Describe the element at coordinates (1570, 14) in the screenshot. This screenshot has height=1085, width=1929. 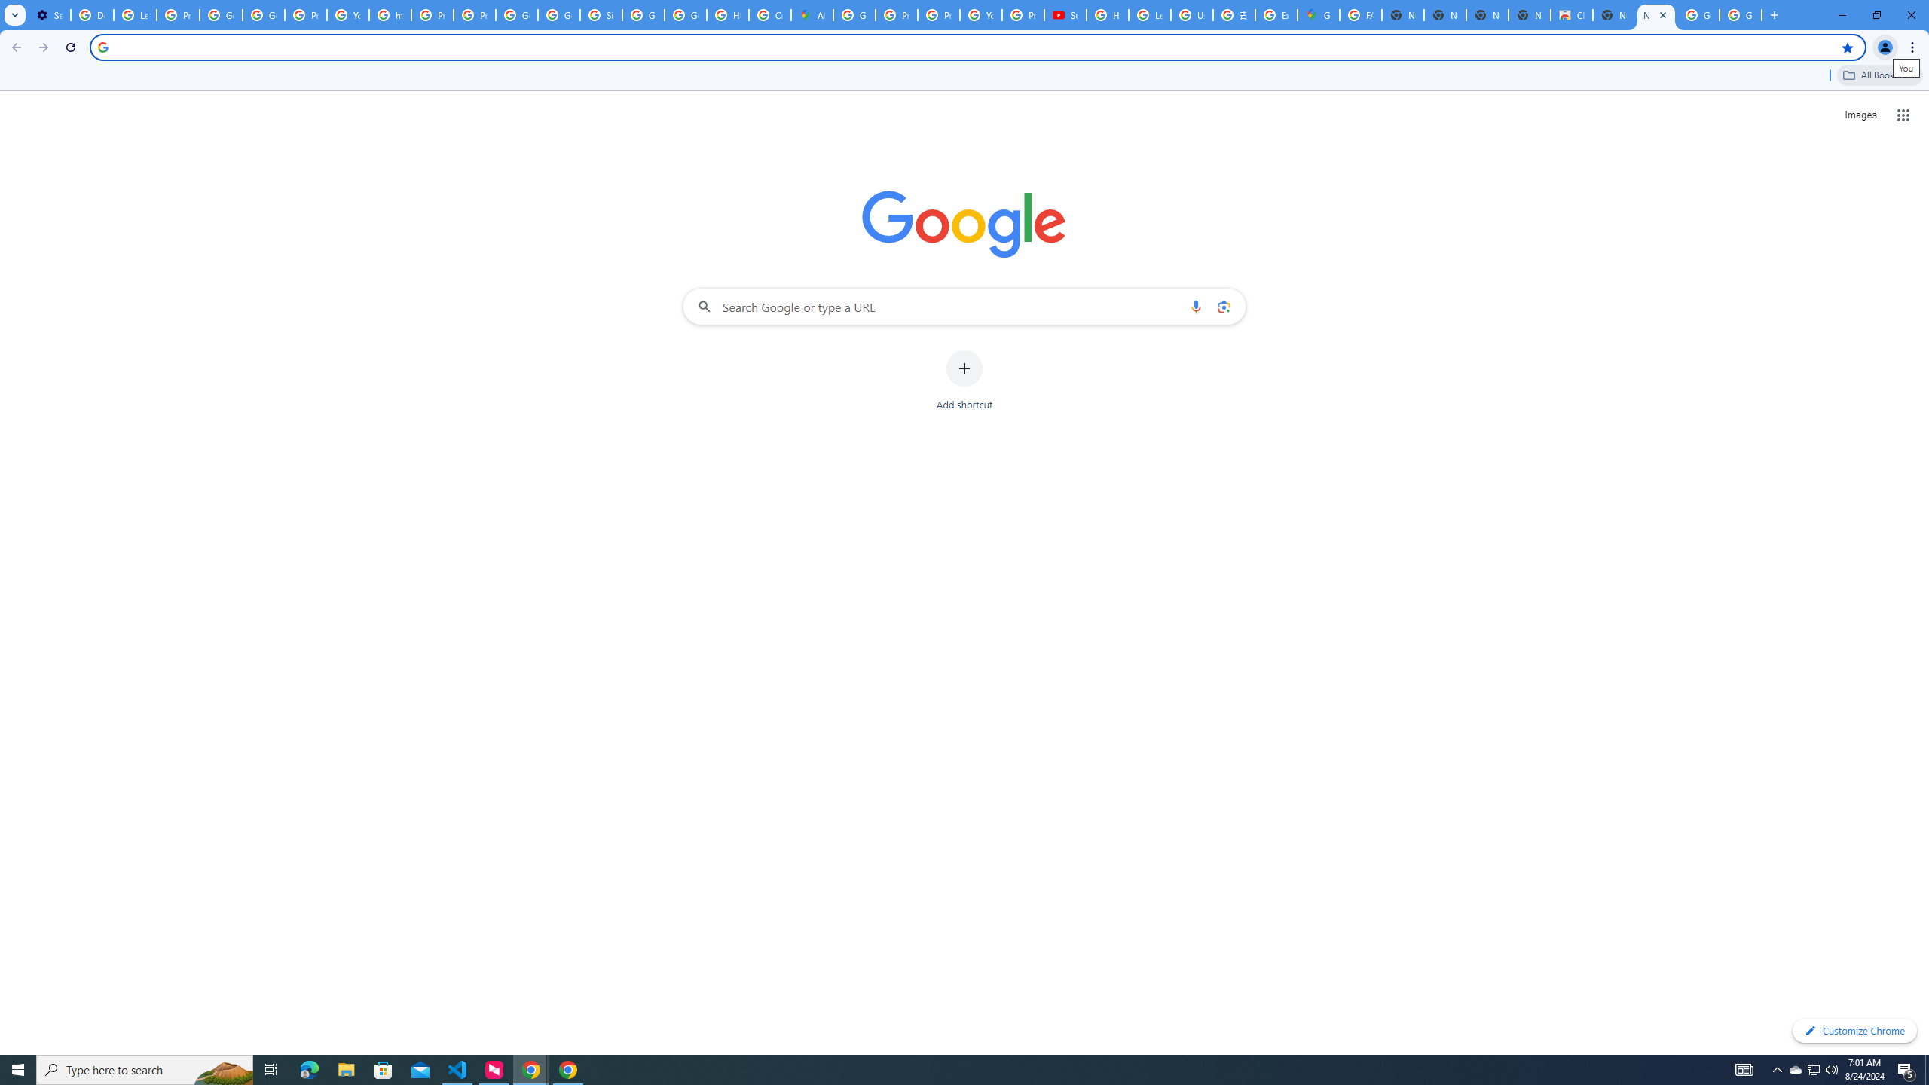
I see `'Chrome Web Store'` at that location.